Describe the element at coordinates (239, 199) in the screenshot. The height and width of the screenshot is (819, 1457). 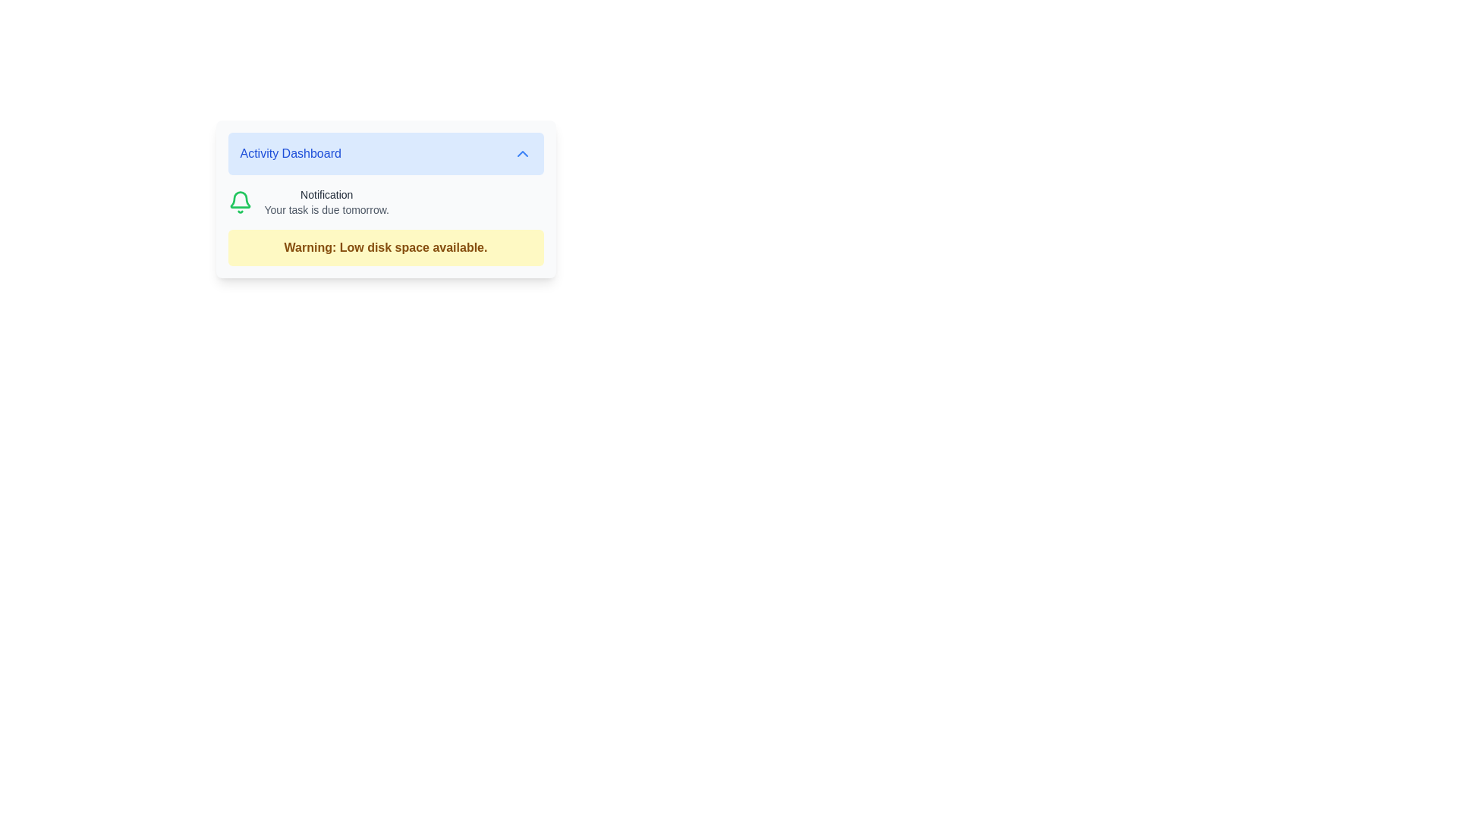
I see `the bell icon with a green outline in the dashboard section to interact with it` at that location.